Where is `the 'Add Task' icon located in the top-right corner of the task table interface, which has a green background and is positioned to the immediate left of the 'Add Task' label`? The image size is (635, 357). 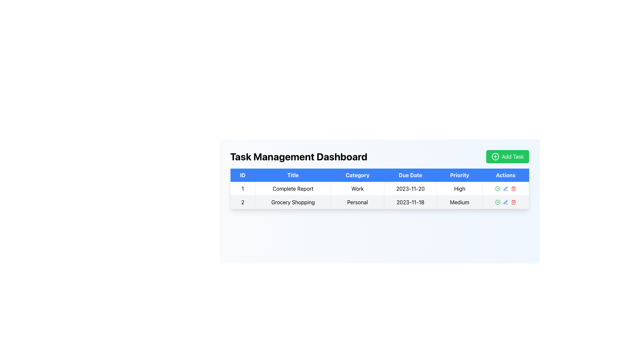
the 'Add Task' icon located in the top-right corner of the task table interface, which has a green background and is positioned to the immediate left of the 'Add Task' label is located at coordinates (495, 157).